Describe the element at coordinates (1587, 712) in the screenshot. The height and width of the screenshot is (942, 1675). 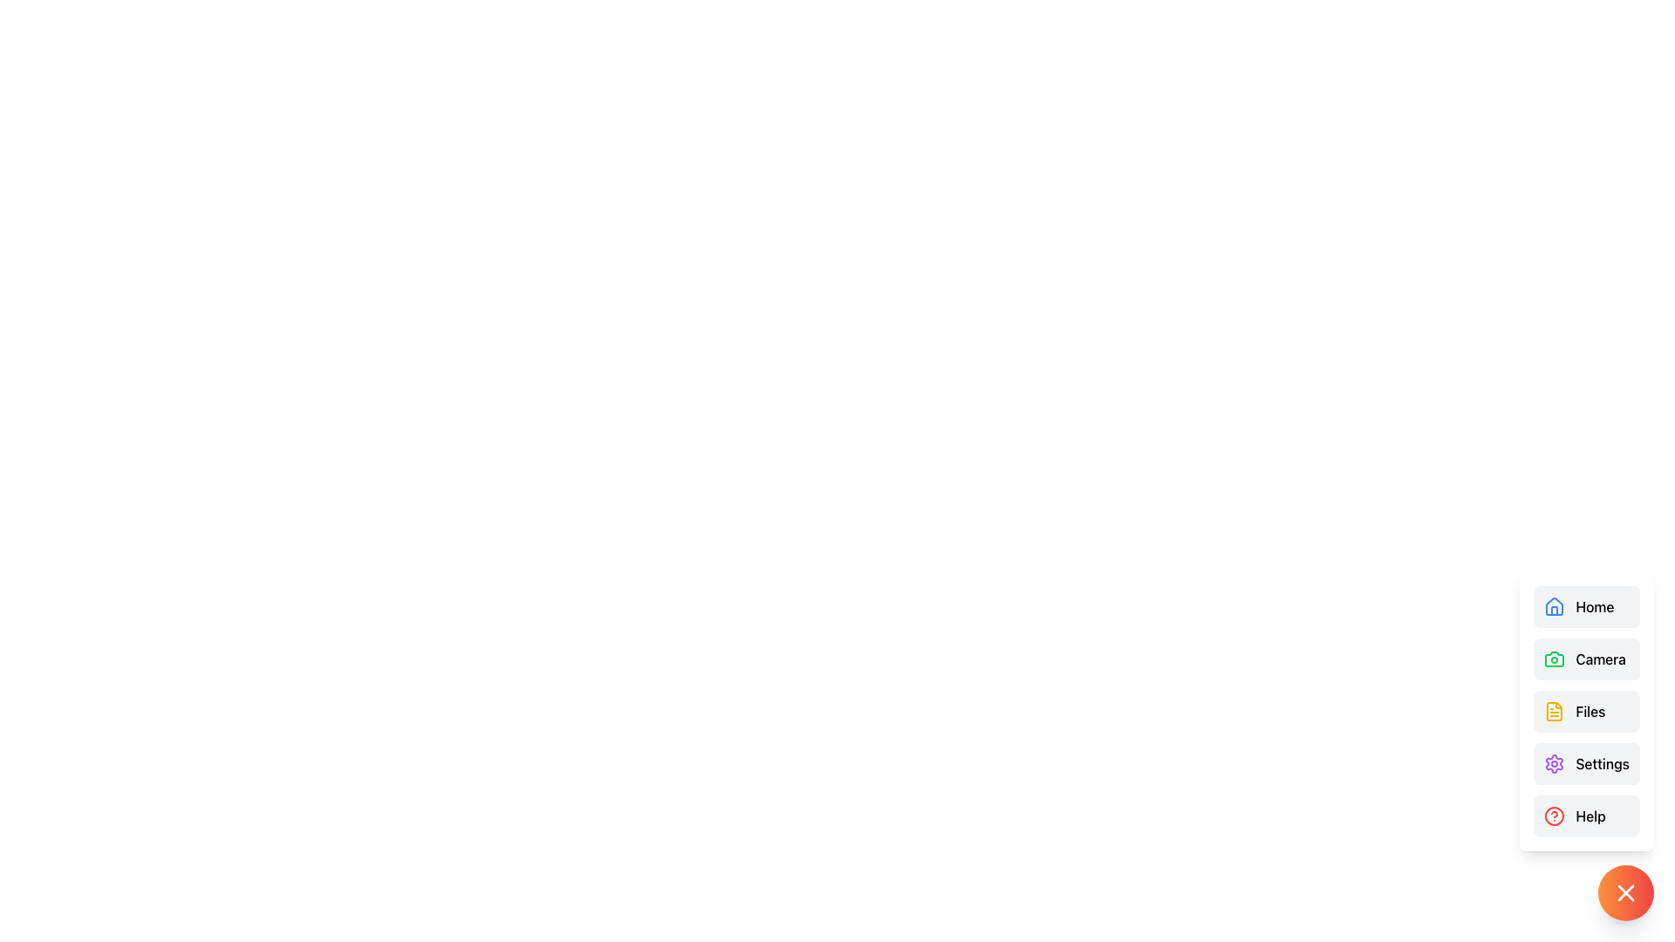
I see `the 'Files' button, which is a horizontal button with a light gray background and a yellow outlined document icon, located in the third position from the top in a list of buttons` at that location.